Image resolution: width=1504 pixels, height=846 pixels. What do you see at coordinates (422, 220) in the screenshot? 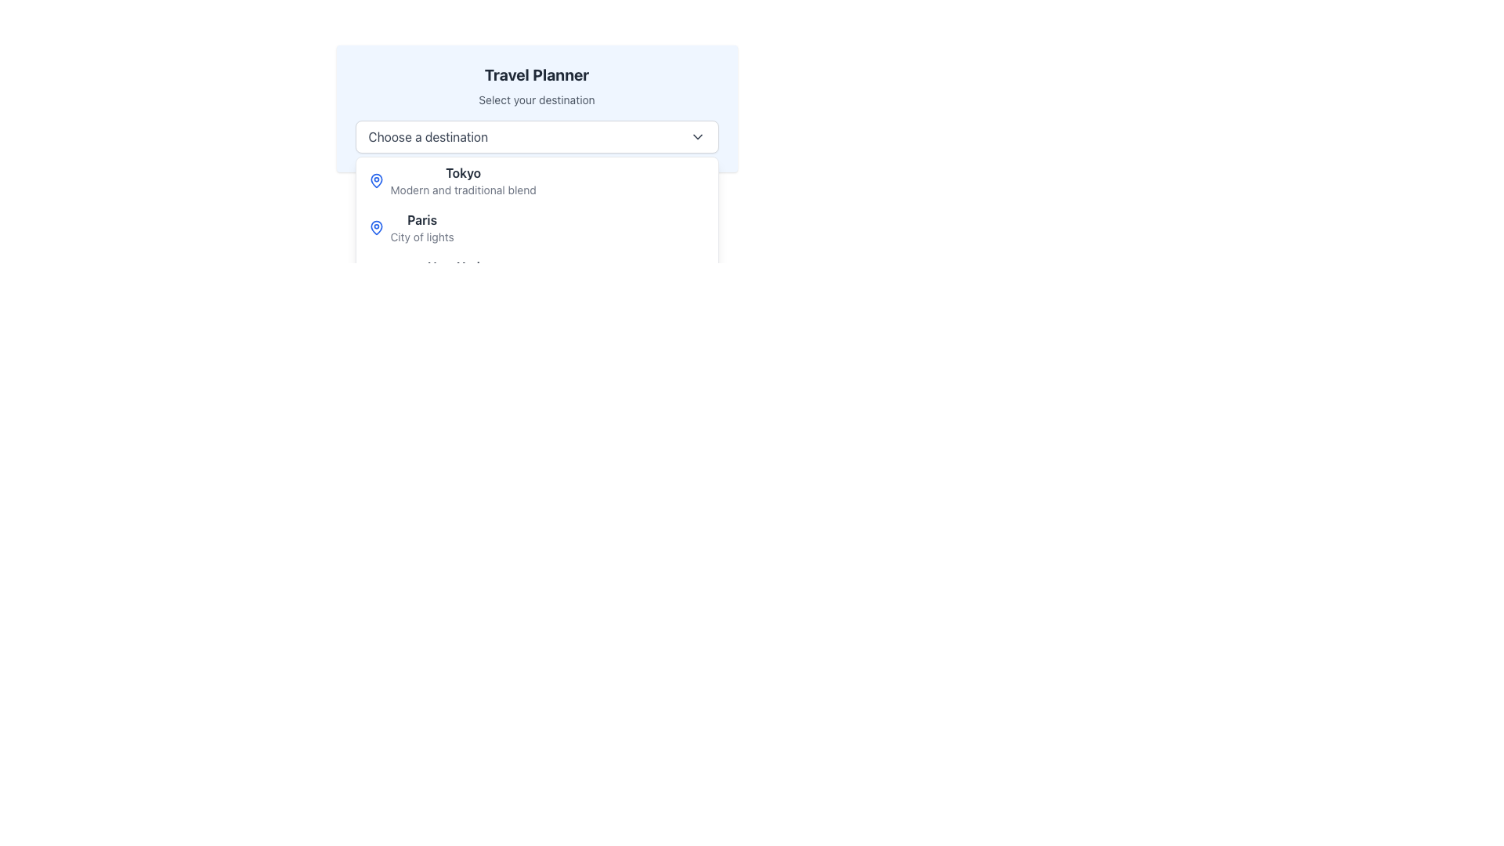
I see `the dropdown menu item labeled 'Paris'` at bounding box center [422, 220].